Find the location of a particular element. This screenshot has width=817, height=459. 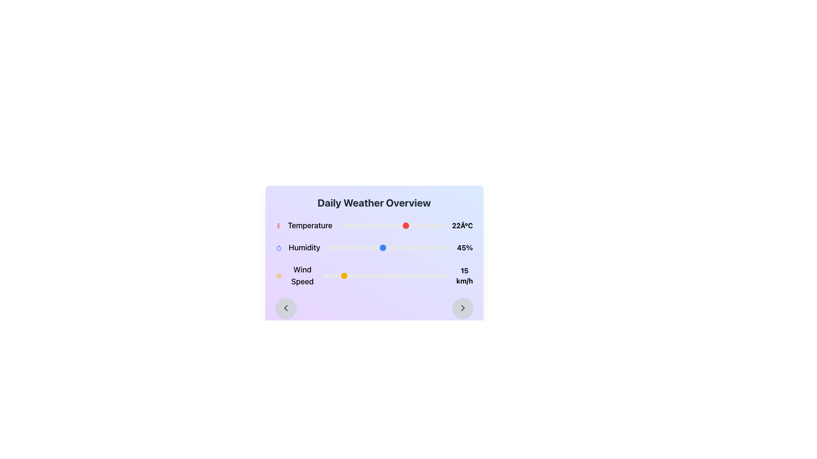

the navigational icon within the circular button located at the bottom-right corner of the 'Daily Weather Overview' panel is located at coordinates (462, 308).